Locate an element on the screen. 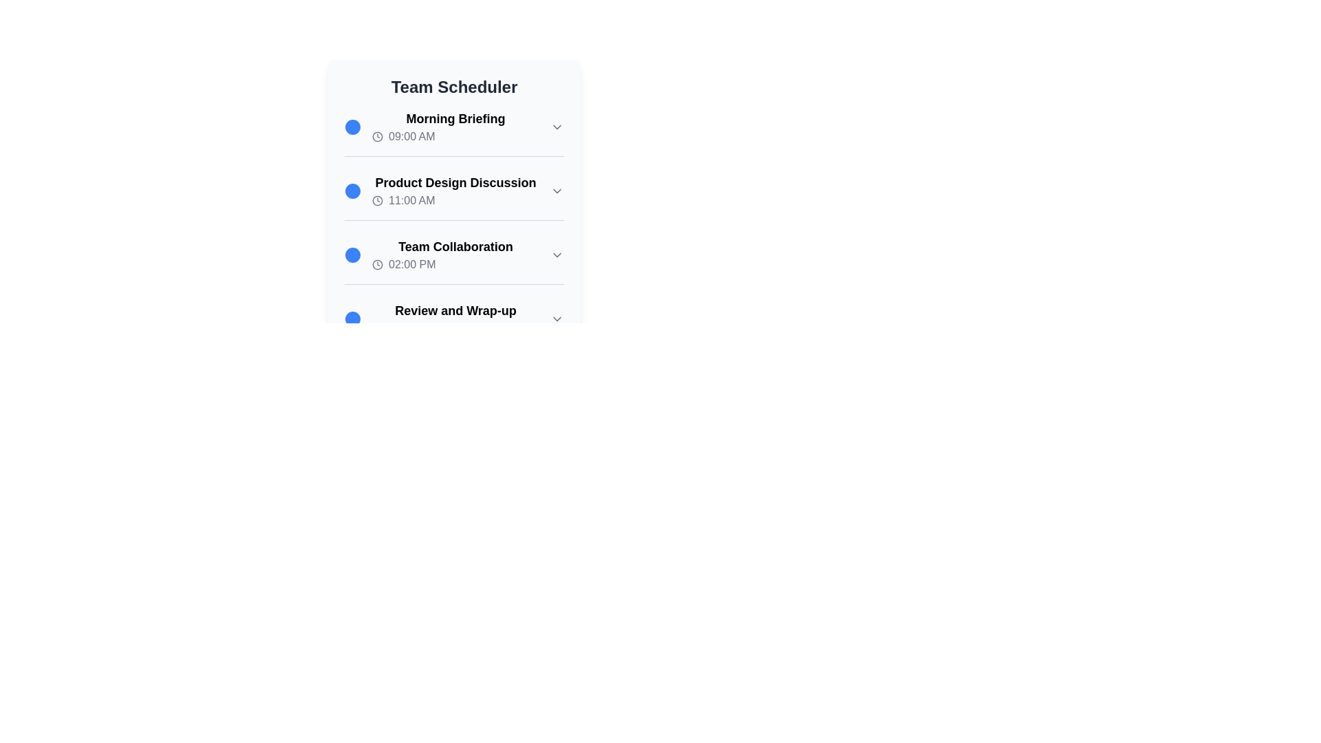 Image resolution: width=1321 pixels, height=743 pixels. the blue circular icon next to the 'Product Design Discussion' entry in the 'Team Scheduler' list is located at coordinates (353, 191).